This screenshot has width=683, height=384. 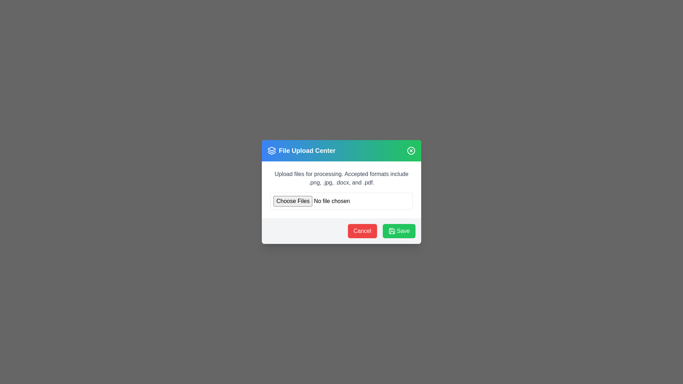 I want to click on the 'Save' button to save the uploaded files, so click(x=399, y=231).